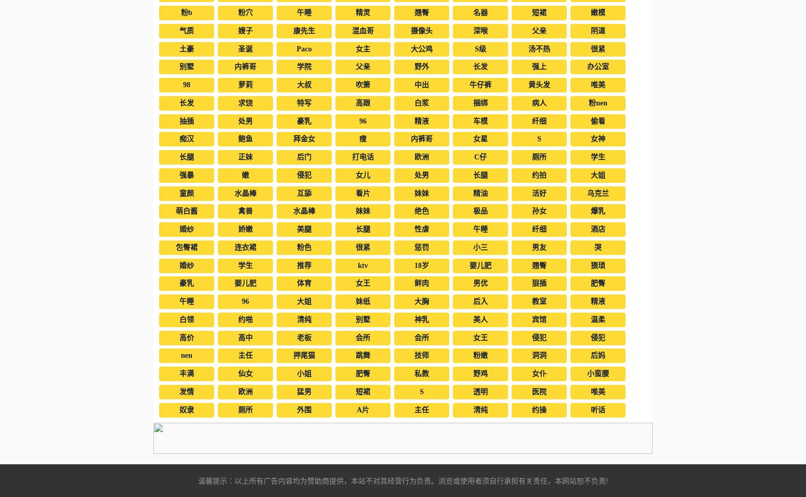 Image resolution: width=806 pixels, height=497 pixels. What do you see at coordinates (304, 48) in the screenshot?
I see `'Paco'` at bounding box center [304, 48].